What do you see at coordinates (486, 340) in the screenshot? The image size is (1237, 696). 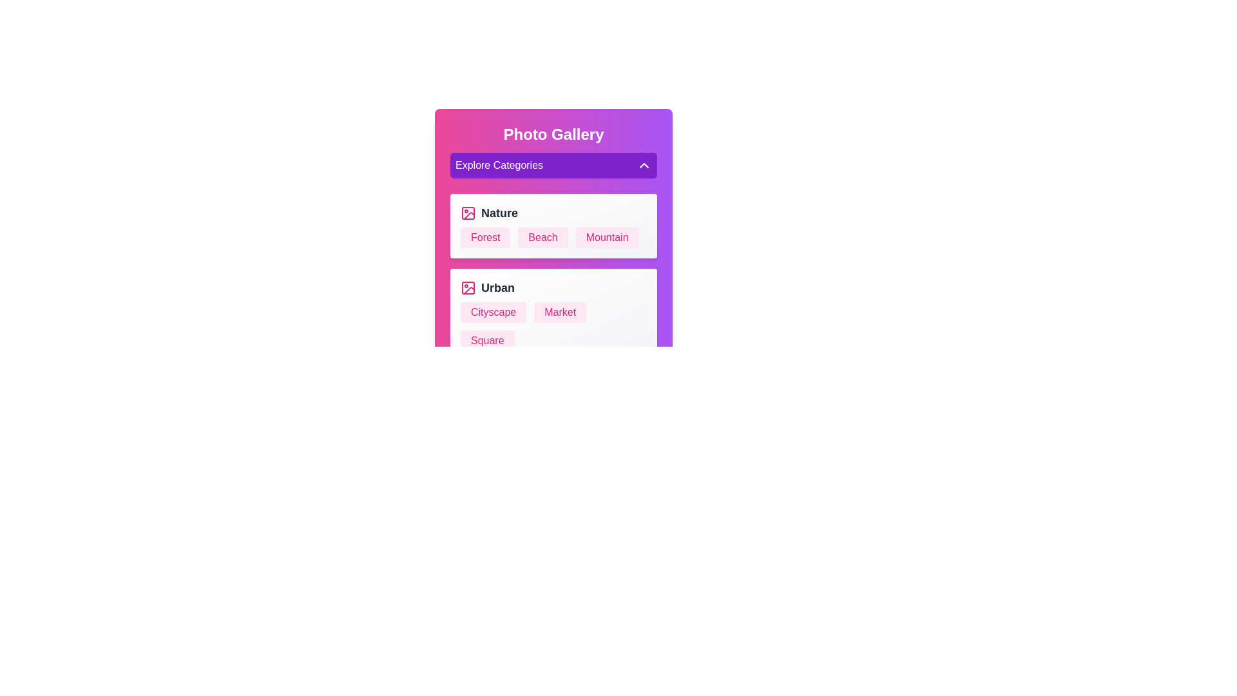 I see `the text element labeled 'Square' to select it` at bounding box center [486, 340].